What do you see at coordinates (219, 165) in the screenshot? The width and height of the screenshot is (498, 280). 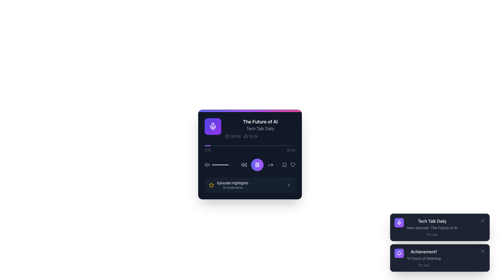 I see `the volume` at bounding box center [219, 165].